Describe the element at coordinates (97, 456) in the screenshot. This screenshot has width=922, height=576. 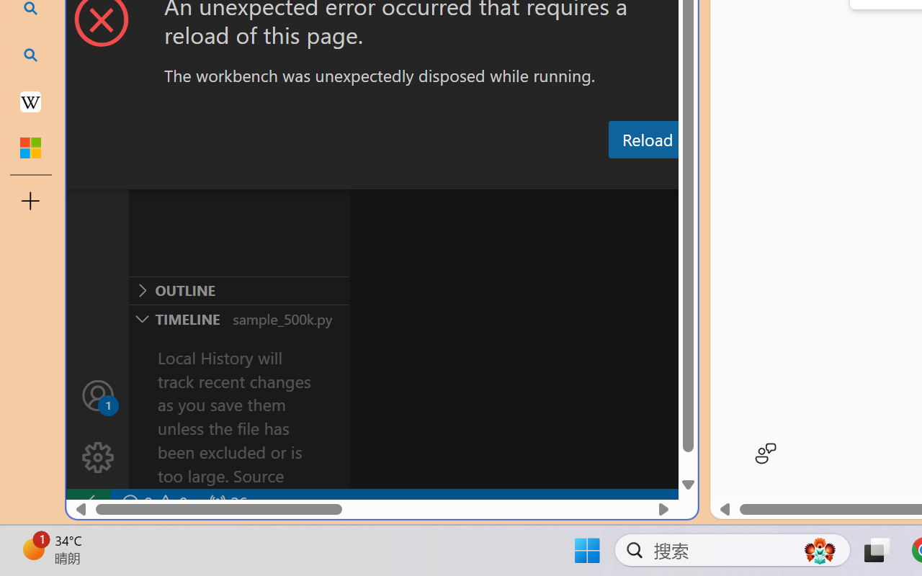
I see `'Manage'` at that location.